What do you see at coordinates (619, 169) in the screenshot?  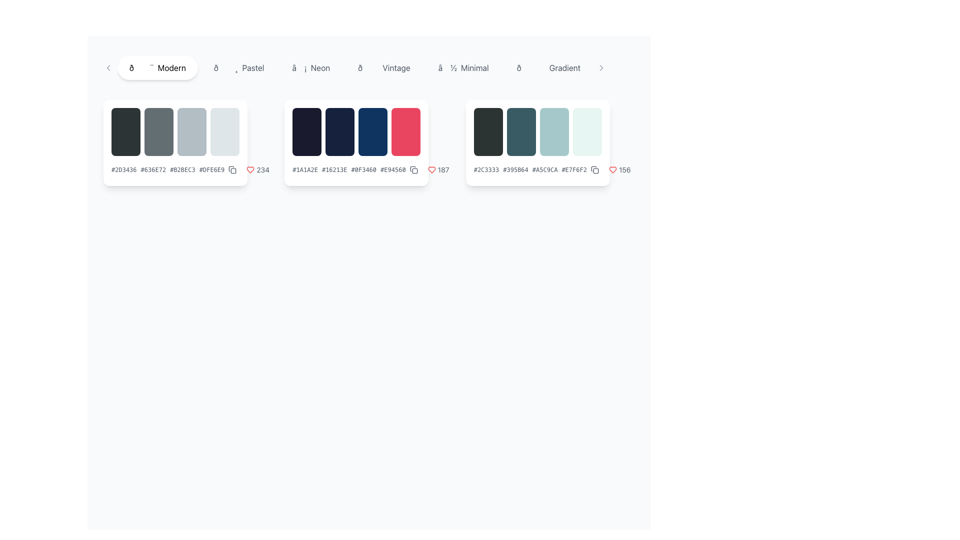 I see `the label displaying the number '156' next to the red heart icon in the third card from the left` at bounding box center [619, 169].